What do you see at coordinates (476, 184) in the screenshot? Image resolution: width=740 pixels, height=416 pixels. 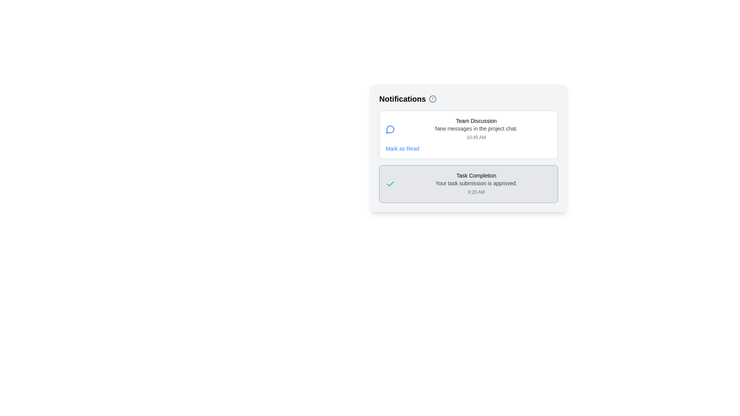 I see `the interactive notification message that provides feedback about task approval, located near the center-right of the interface, below the 'Team Discussion' notification` at bounding box center [476, 184].